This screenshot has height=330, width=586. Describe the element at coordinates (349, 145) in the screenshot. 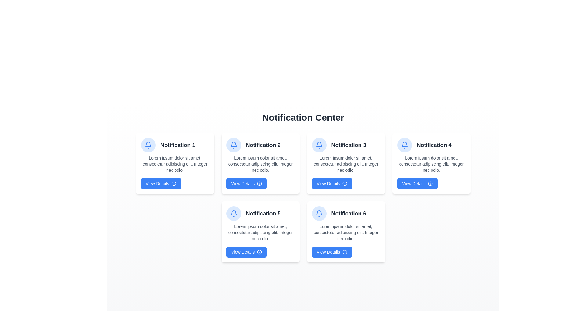

I see `the title of the third notification, which is located between 'Notification 2' and 'Notification 4' in the notification grid, even though it is marked as non-interactive` at that location.